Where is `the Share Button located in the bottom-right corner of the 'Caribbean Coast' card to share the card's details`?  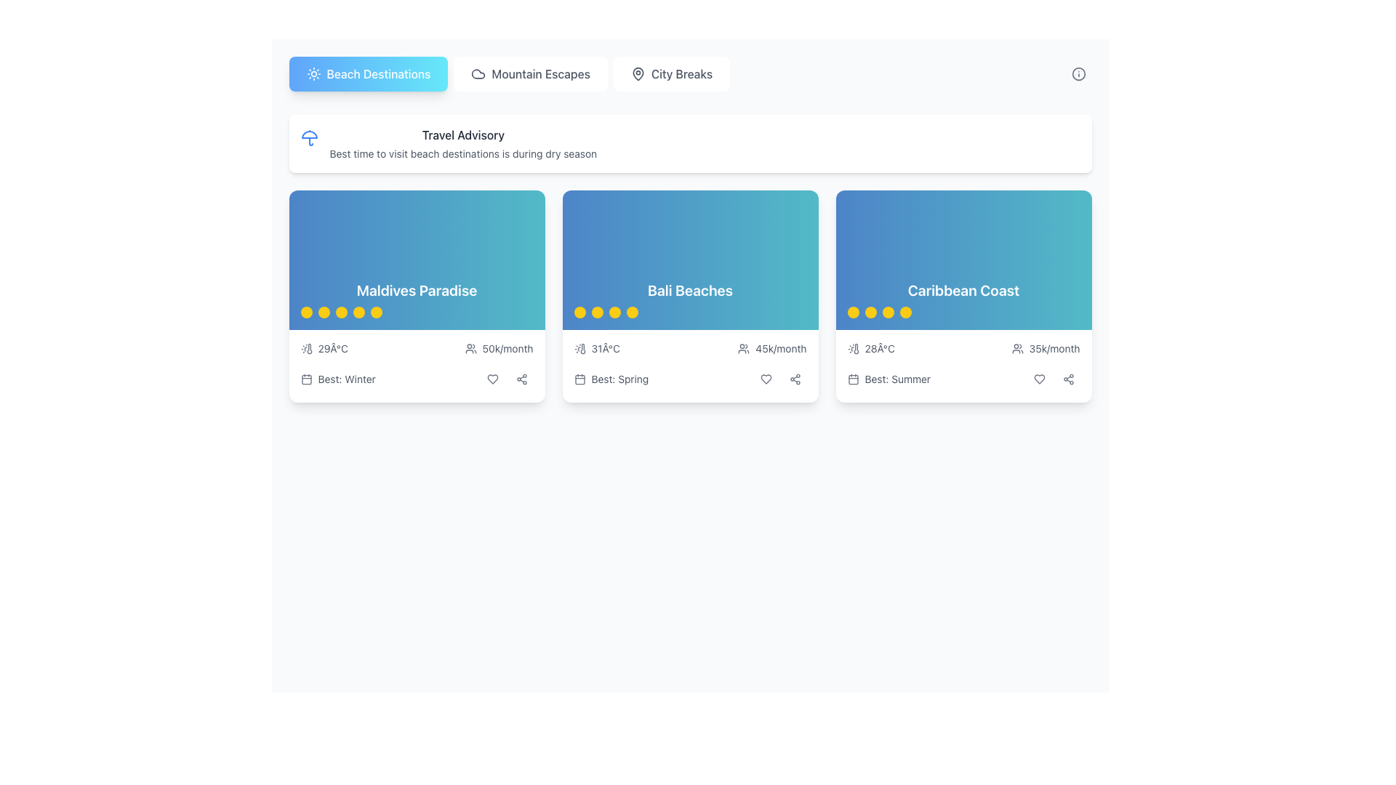
the Share Button located in the bottom-right corner of the 'Caribbean Coast' card to share the card's details is located at coordinates (1068, 378).